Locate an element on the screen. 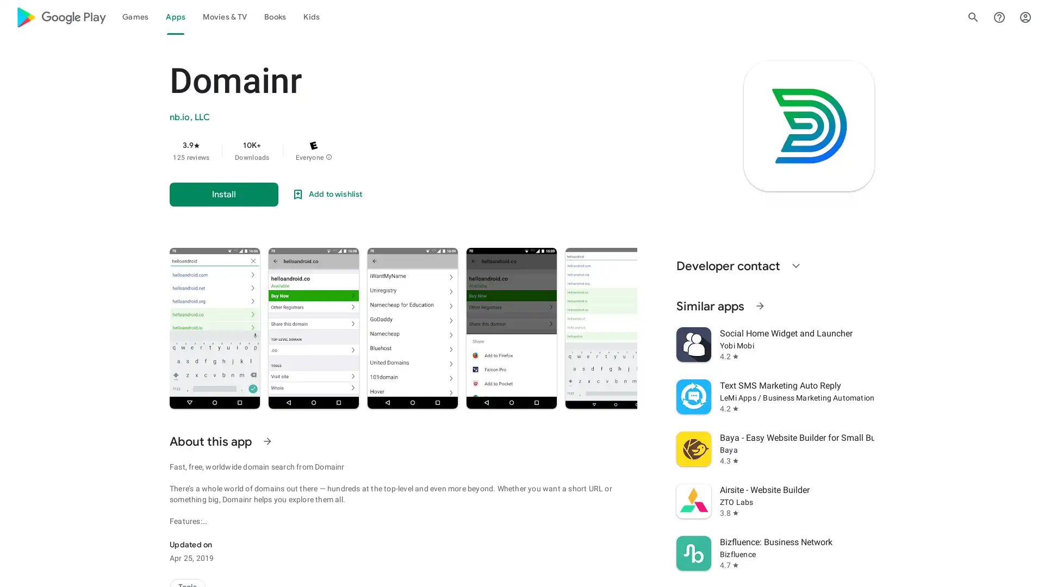 The height and width of the screenshot is (587, 1044). Screenshot image is located at coordinates (943, 328).